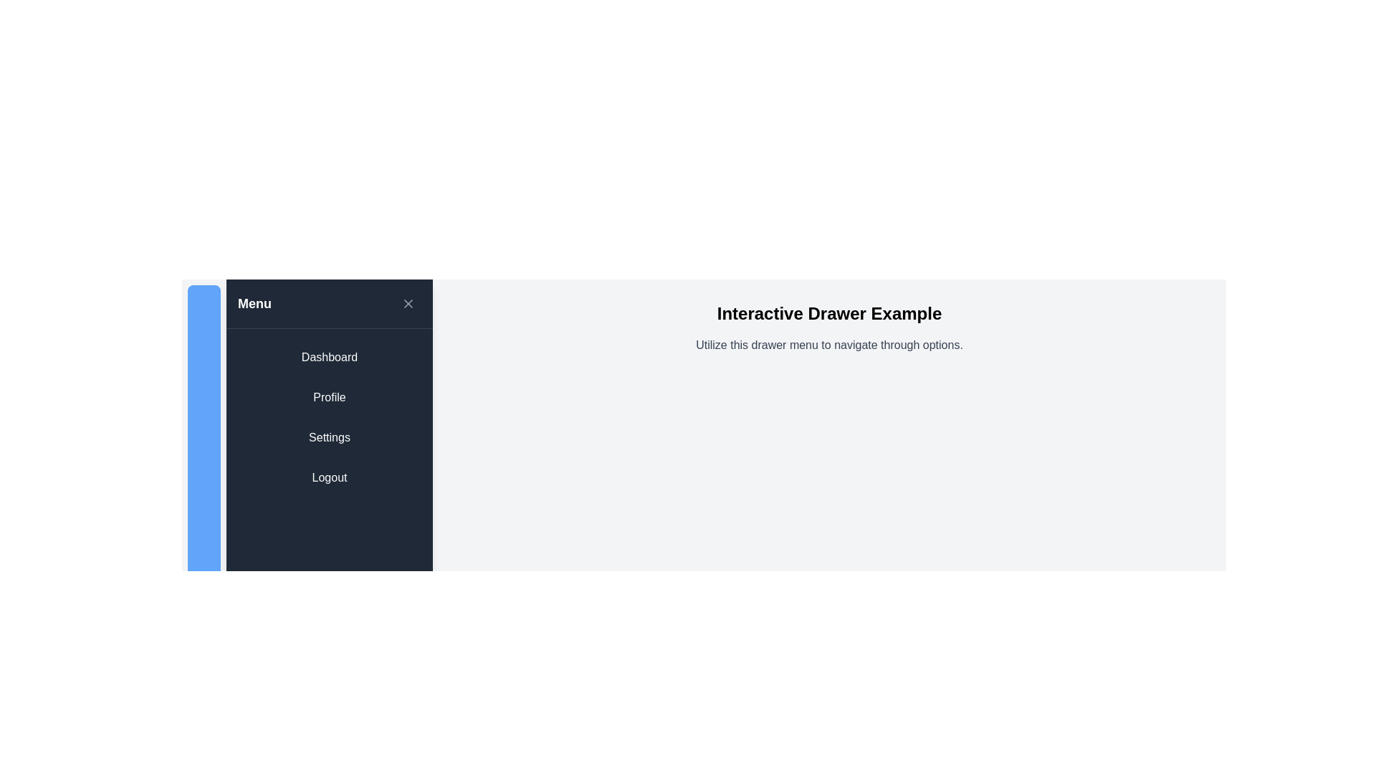 This screenshot has height=774, width=1376. I want to click on the close button with an icon located in the top-right corner of the header section next to the 'Menu' text to observe any hover effect, so click(408, 303).